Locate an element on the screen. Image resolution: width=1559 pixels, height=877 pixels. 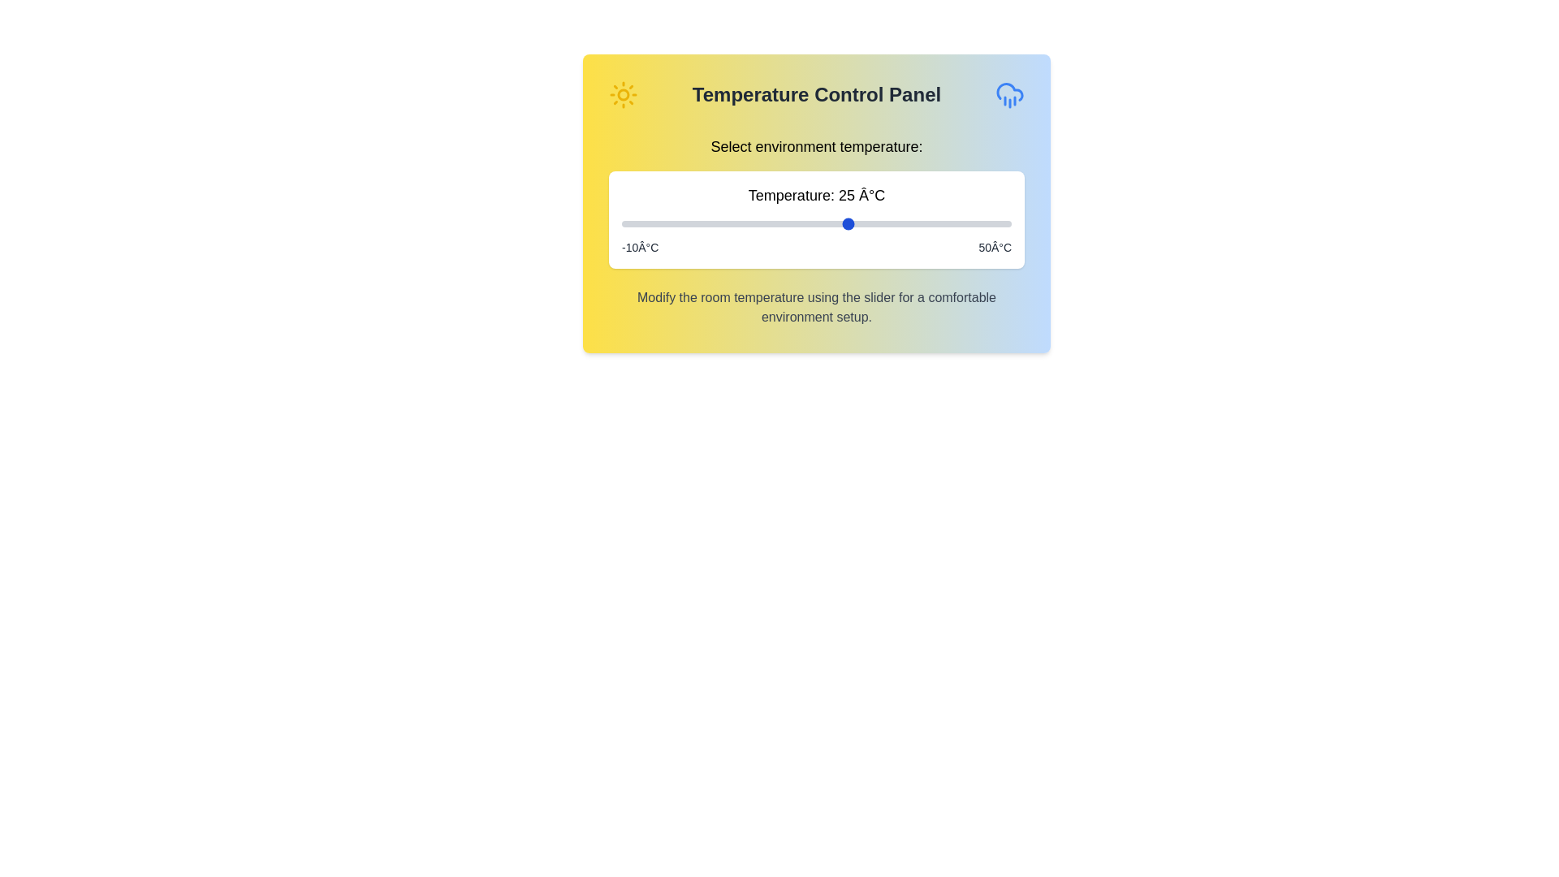
the temperature value display to interact with it is located at coordinates (817, 194).